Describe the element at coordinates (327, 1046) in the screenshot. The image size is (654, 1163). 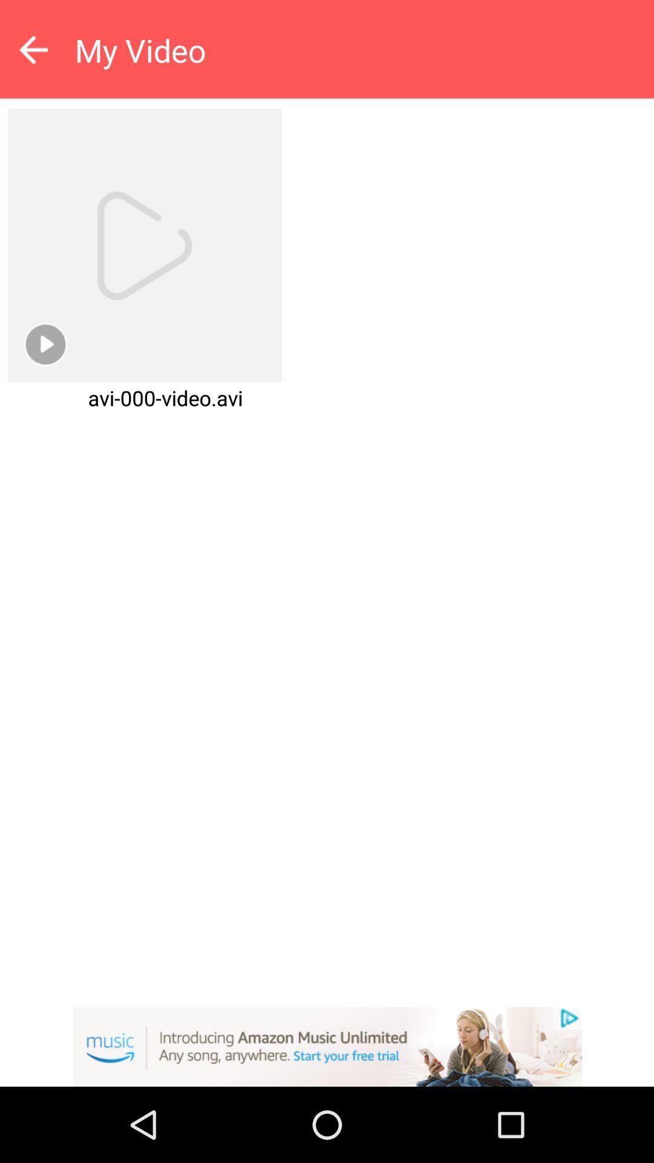
I see `watch advertisement` at that location.